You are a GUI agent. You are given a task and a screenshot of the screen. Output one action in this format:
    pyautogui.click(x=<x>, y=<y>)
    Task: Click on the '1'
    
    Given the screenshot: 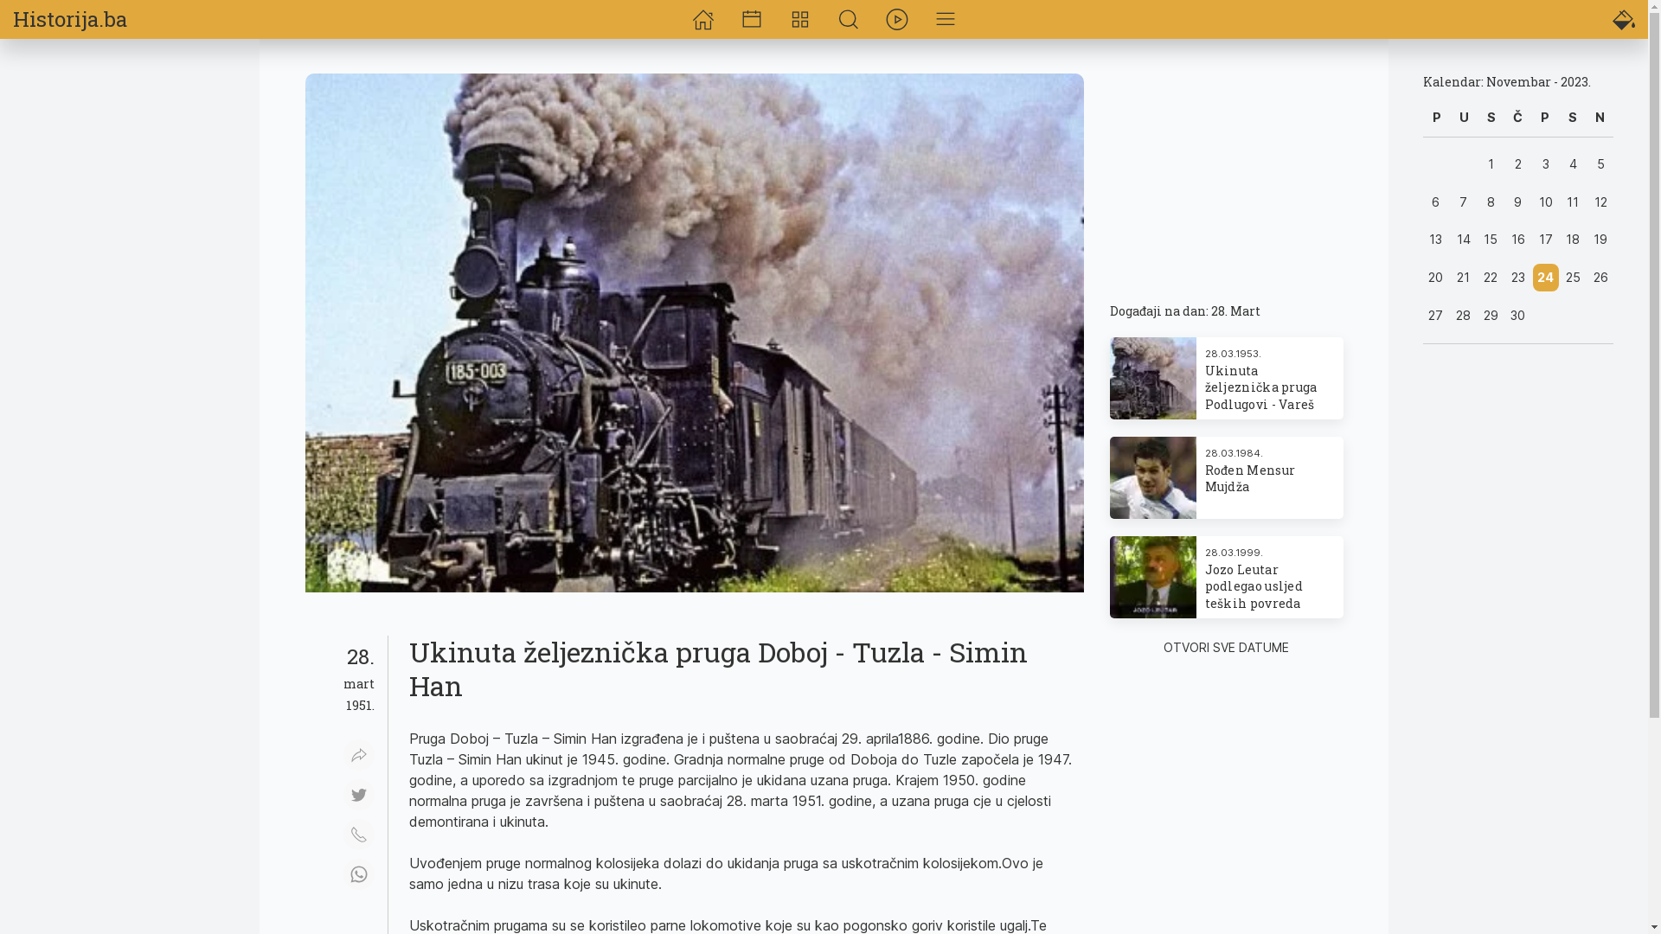 What is the action you would take?
    pyautogui.click(x=1490, y=163)
    